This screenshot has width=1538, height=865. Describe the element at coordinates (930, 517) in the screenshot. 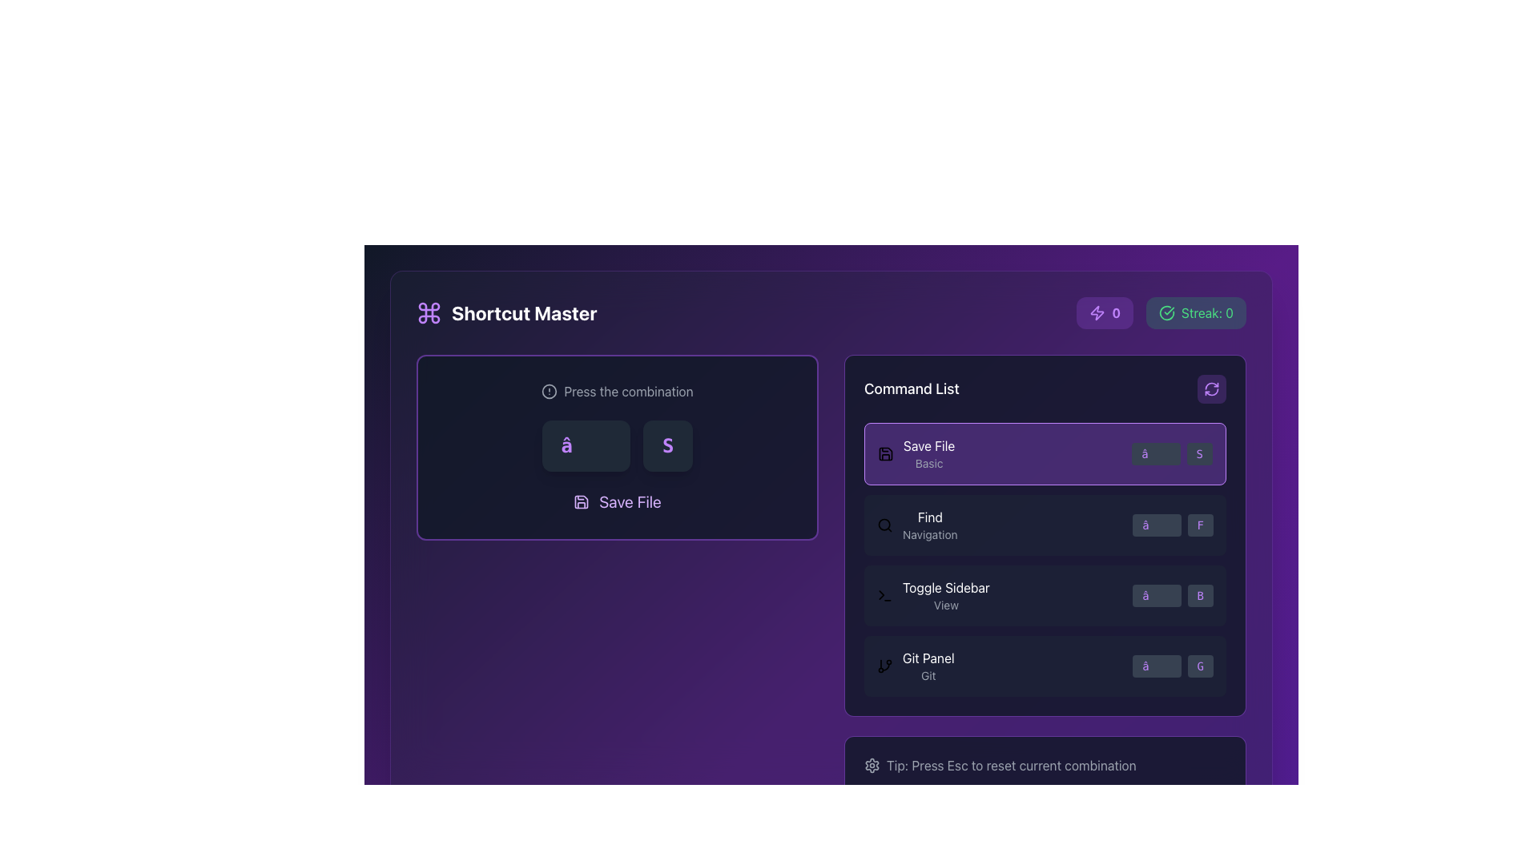

I see `the label indicating the search functionality in the right-side panel of the 'Command List' interface, which is associated with a magnifying glass icon and has a subtitle reading 'Navigation'` at that location.